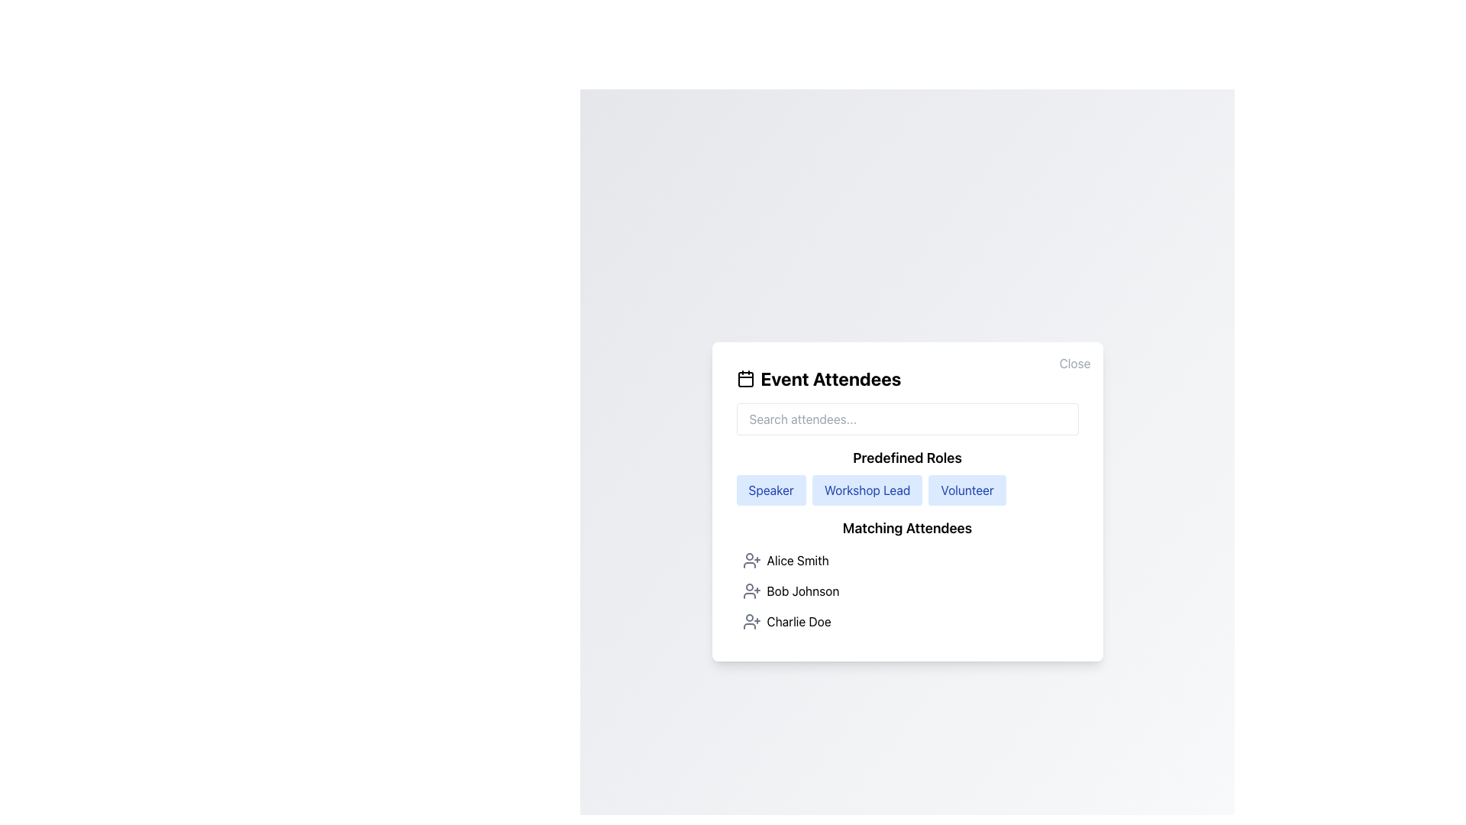 This screenshot has width=1466, height=825. What do you see at coordinates (745, 378) in the screenshot?
I see `the calendar icon located in the top-left corner of the header section of the 'Event Attendees' dialog box, which features a minimalist modern outline and a small grid inside a square frame` at bounding box center [745, 378].